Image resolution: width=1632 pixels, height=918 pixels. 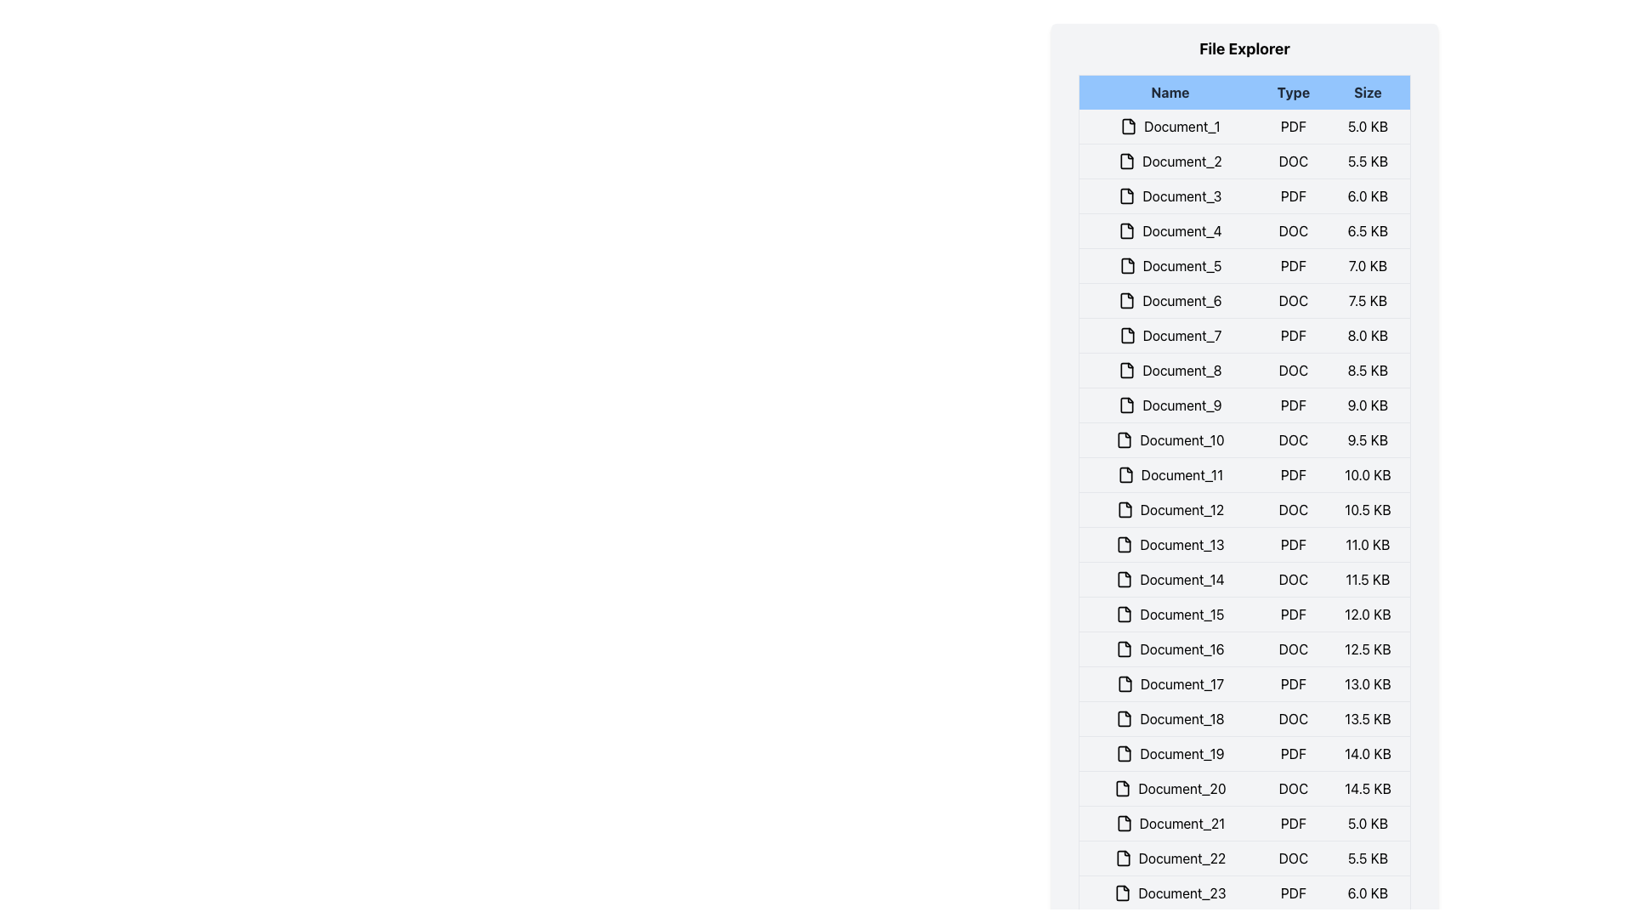 What do you see at coordinates (1244, 789) in the screenshot?
I see `the list item representing the file named 'Document_20' with format 'DOC' and size '14.5 KB'` at bounding box center [1244, 789].